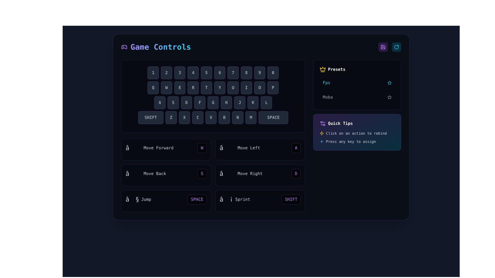 The height and width of the screenshot is (278, 495). What do you see at coordinates (237, 117) in the screenshot?
I see `the 'N' key on the virtual keyboard, which is the seventh button in the row, located below the virtual keyboard representation` at bounding box center [237, 117].